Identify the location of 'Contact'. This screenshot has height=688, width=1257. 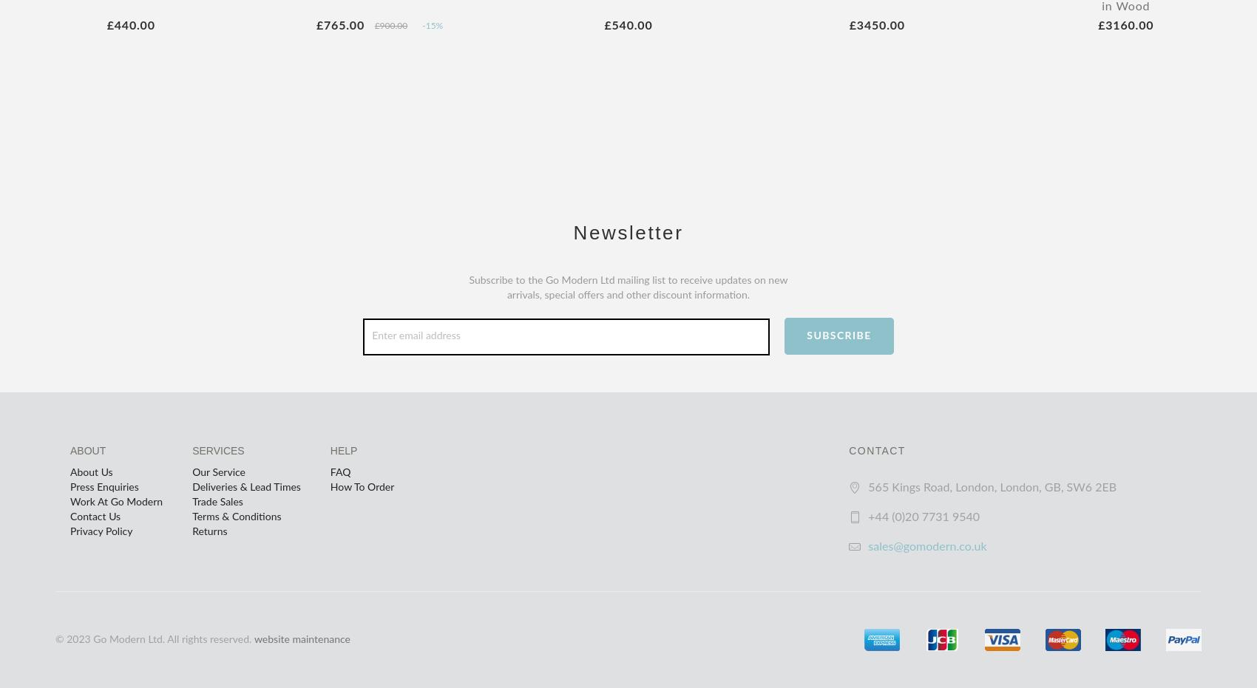
(875, 449).